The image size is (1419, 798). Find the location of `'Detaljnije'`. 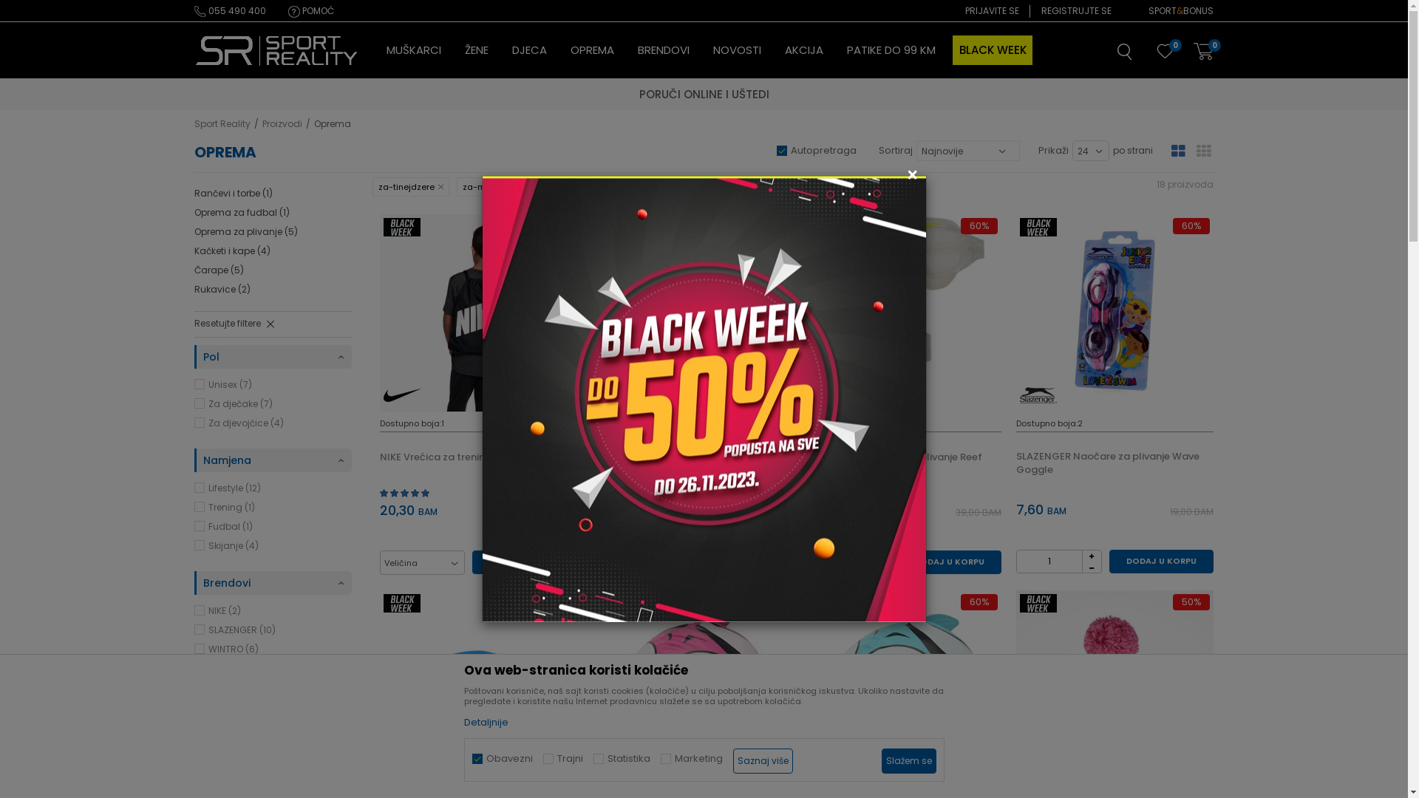

'Detaljnije' is located at coordinates (463, 721).